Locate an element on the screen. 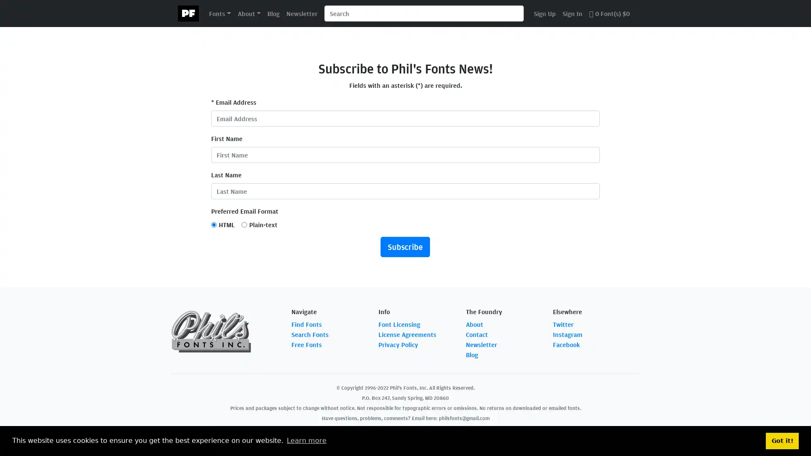 Image resolution: width=811 pixels, height=456 pixels. Subscribe is located at coordinates (405, 246).